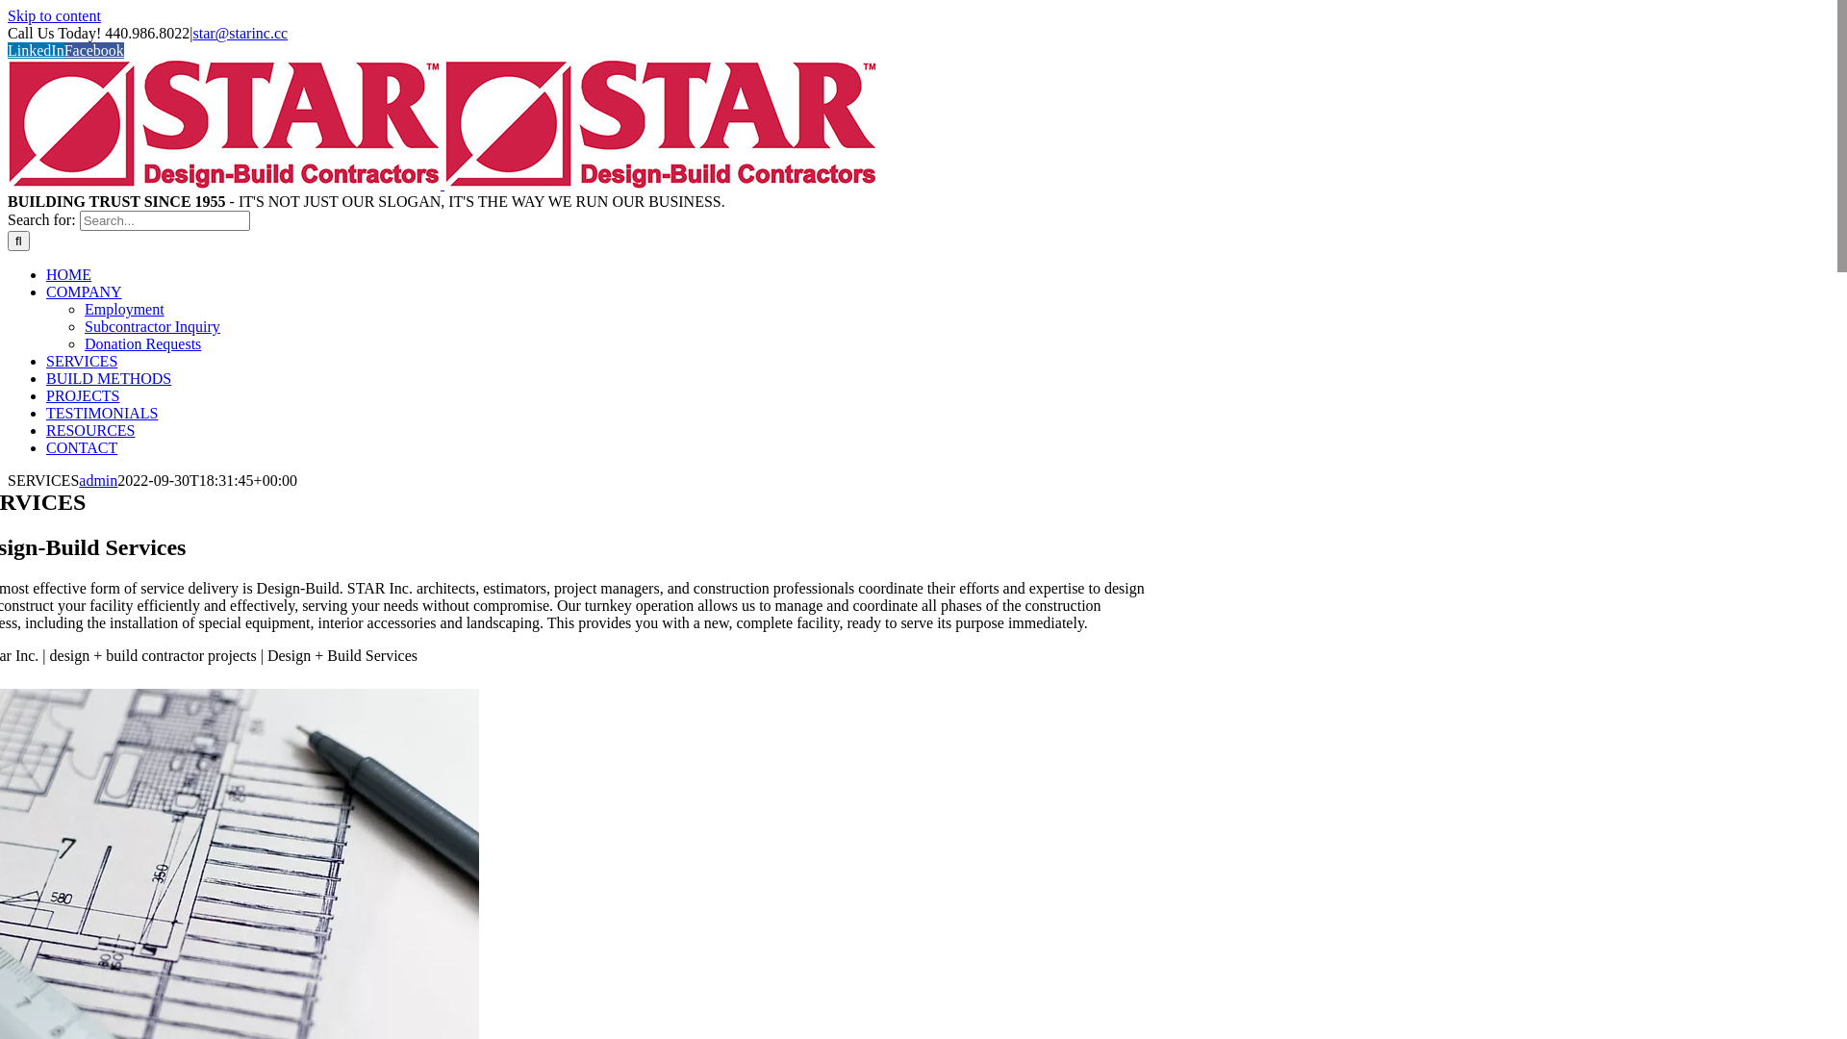  What do you see at coordinates (92, 49) in the screenshot?
I see `'Facebook'` at bounding box center [92, 49].